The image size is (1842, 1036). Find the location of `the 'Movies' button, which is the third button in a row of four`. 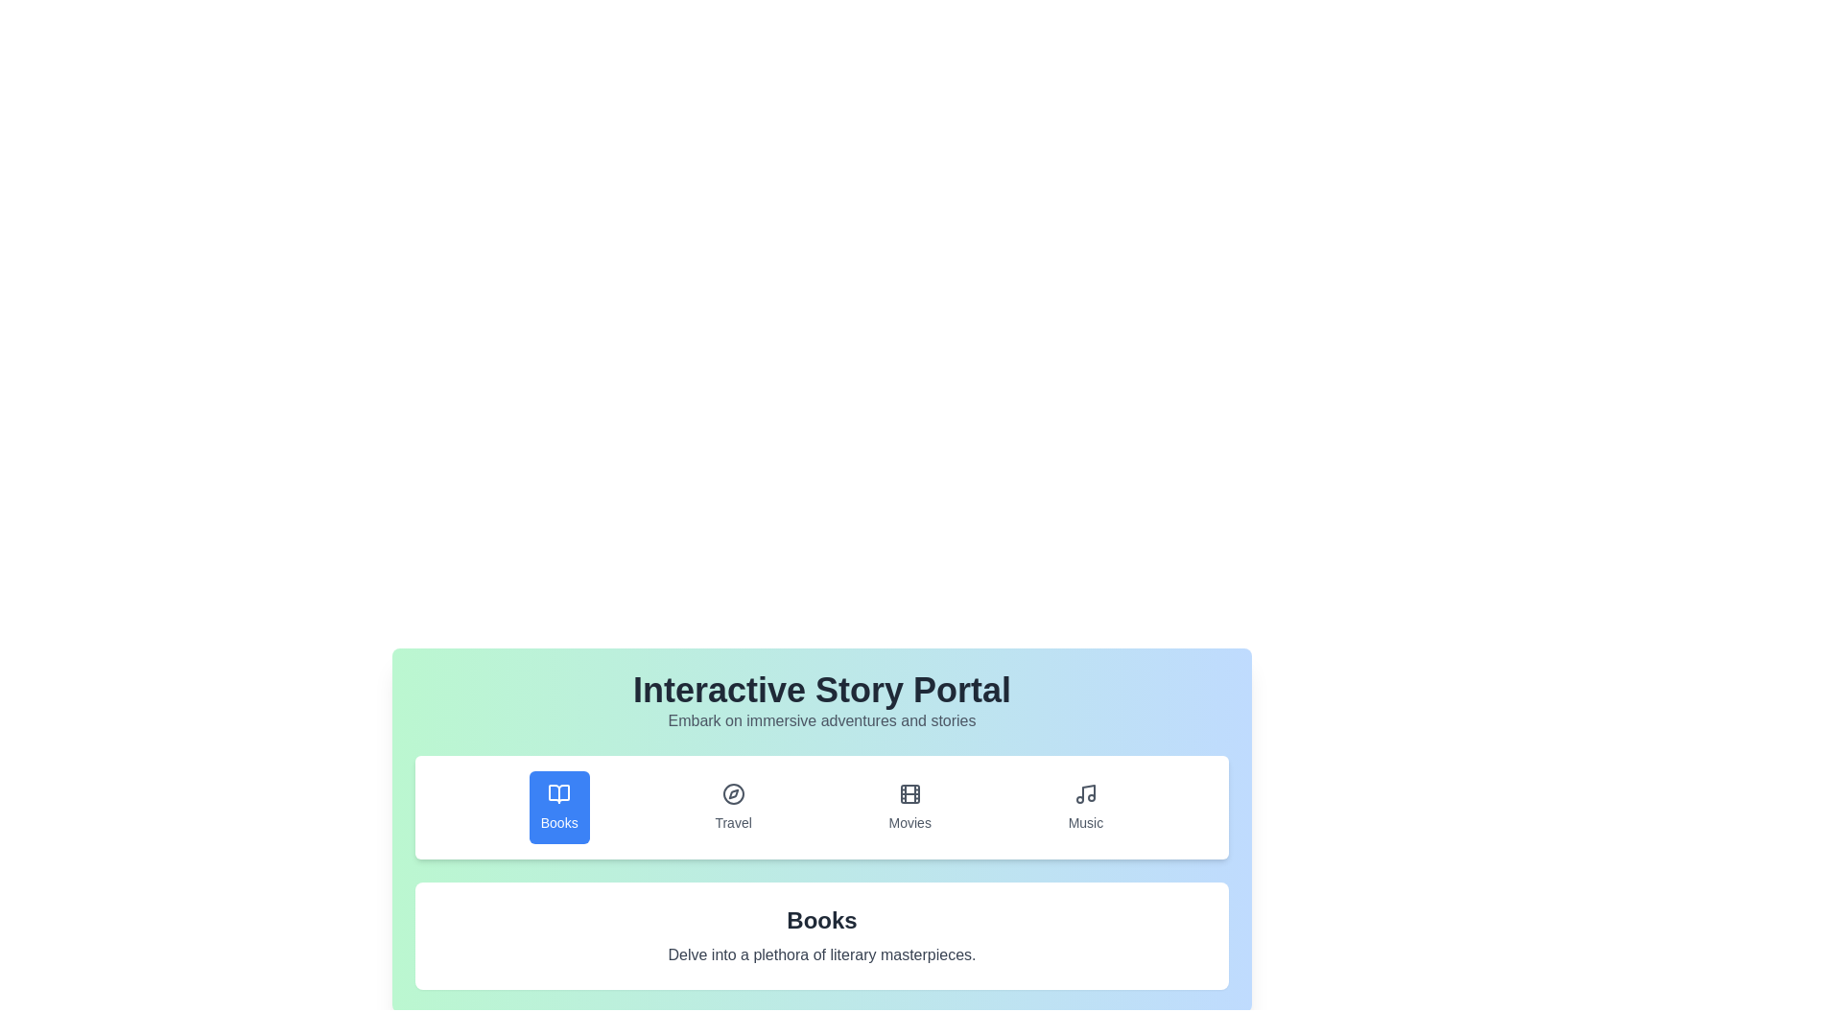

the 'Movies' button, which is the third button in a row of four is located at coordinates (909, 807).